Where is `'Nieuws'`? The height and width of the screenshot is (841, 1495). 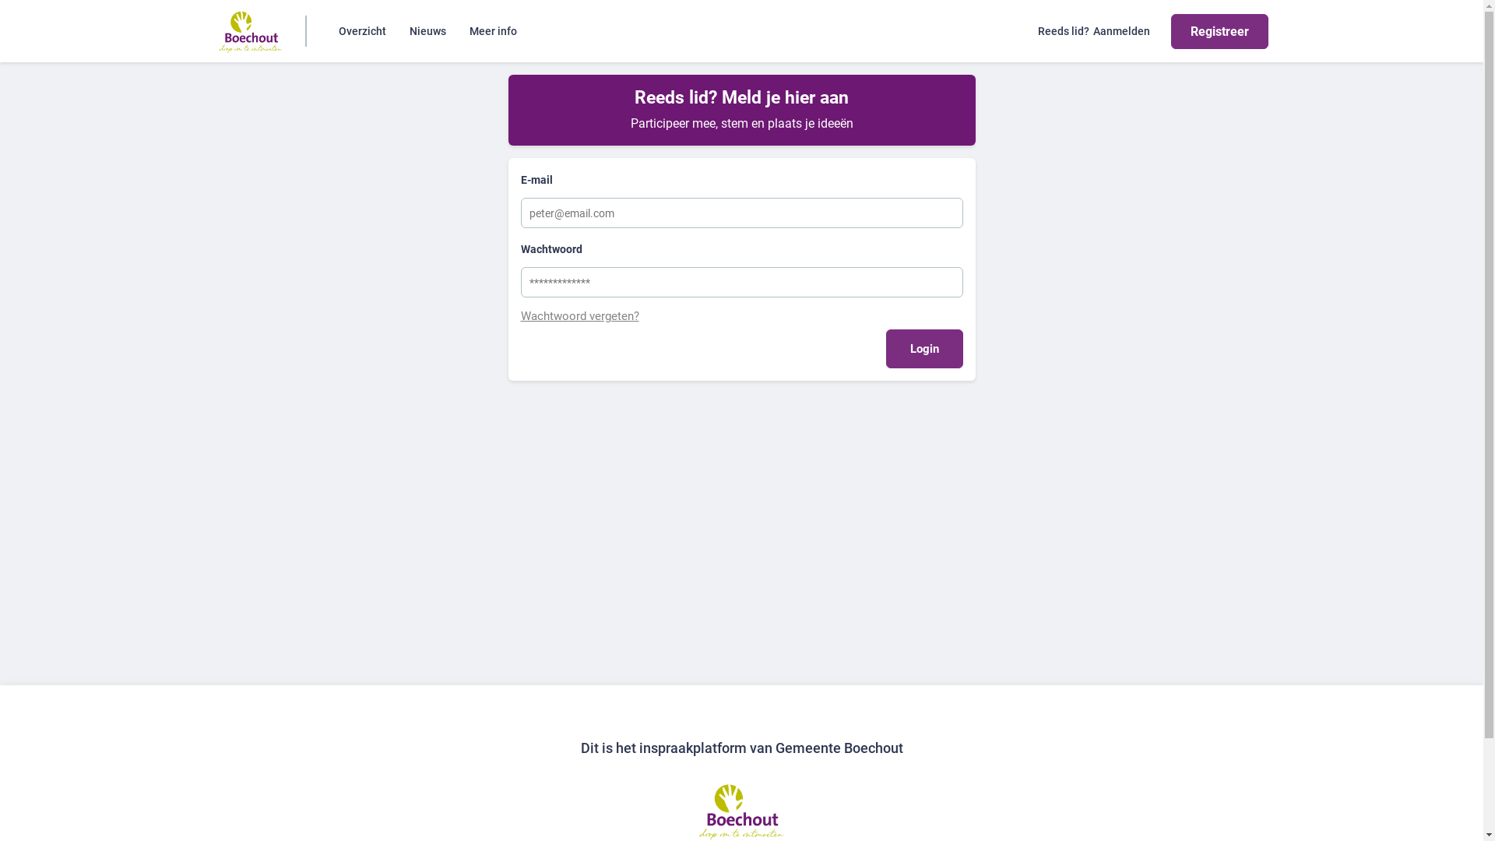 'Nieuws' is located at coordinates (427, 30).